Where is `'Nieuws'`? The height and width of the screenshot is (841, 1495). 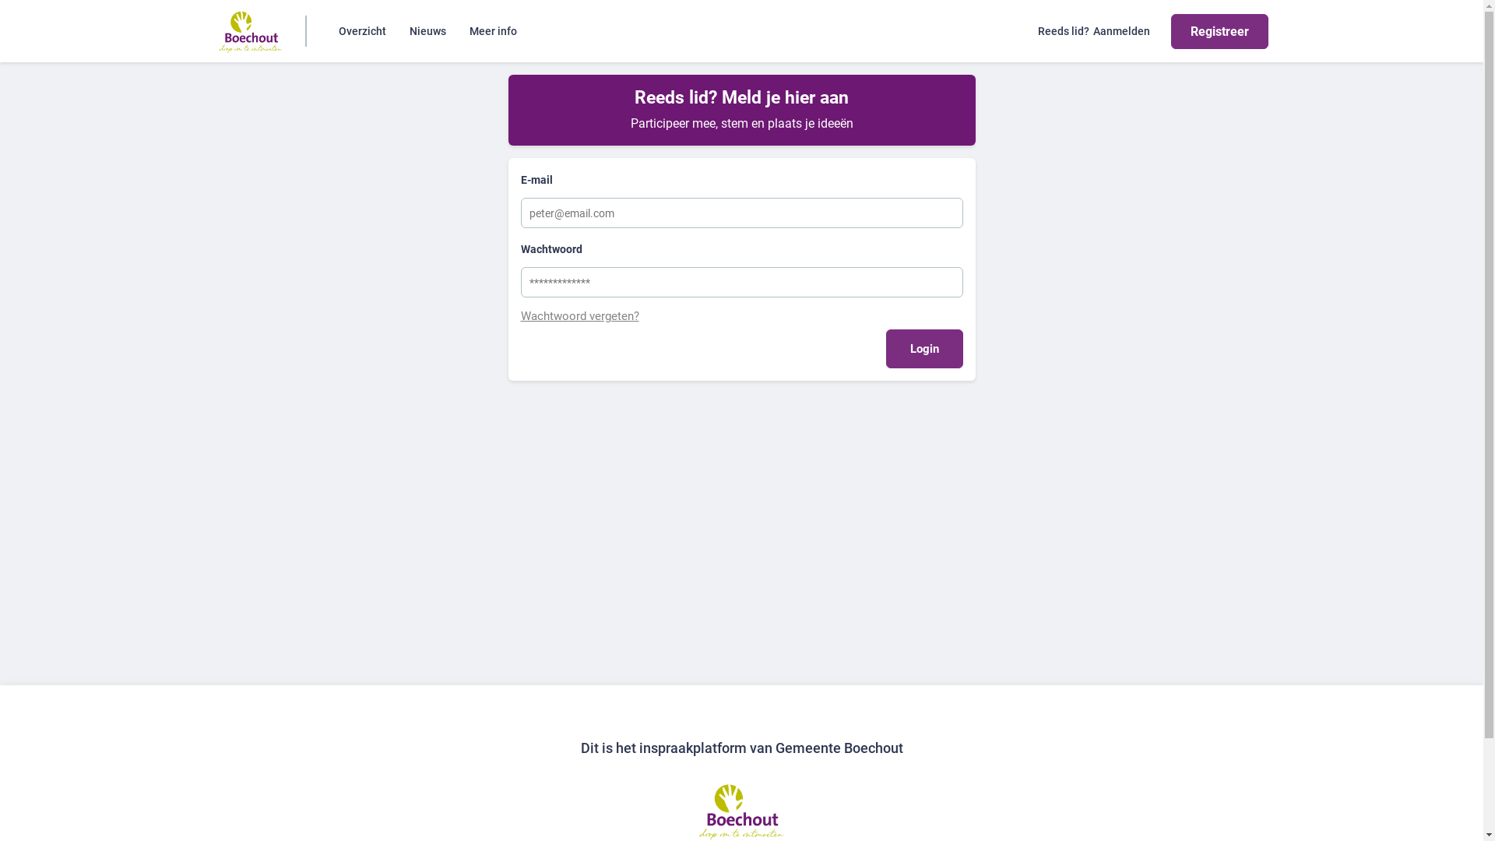 'Nieuws' is located at coordinates (427, 30).